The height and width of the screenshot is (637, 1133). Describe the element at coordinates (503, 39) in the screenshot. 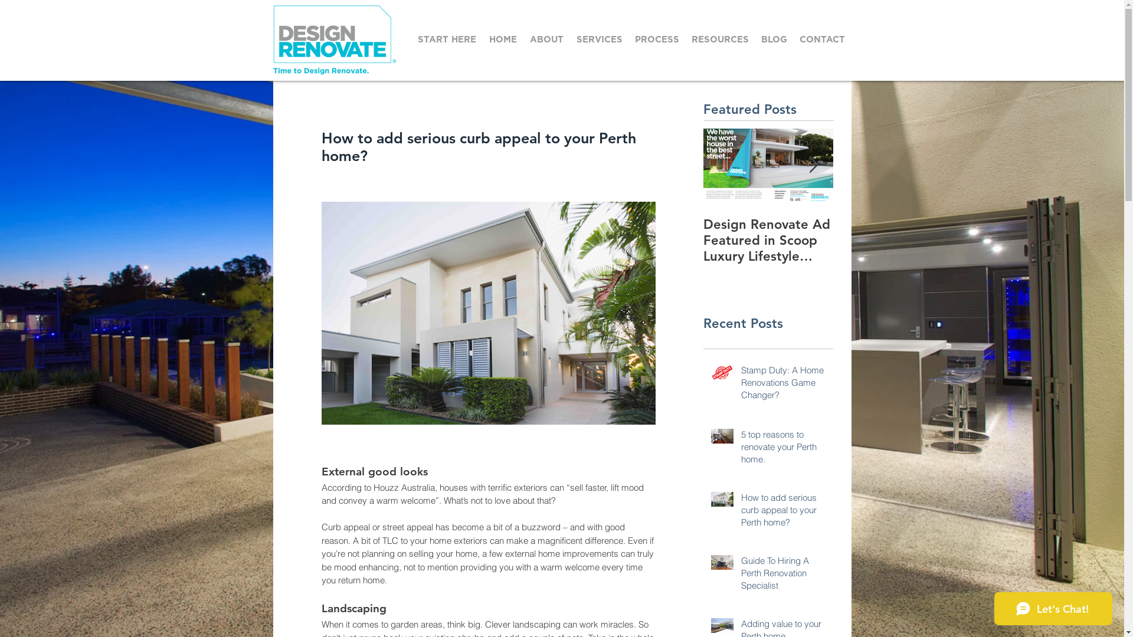

I see `'HOME'` at that location.